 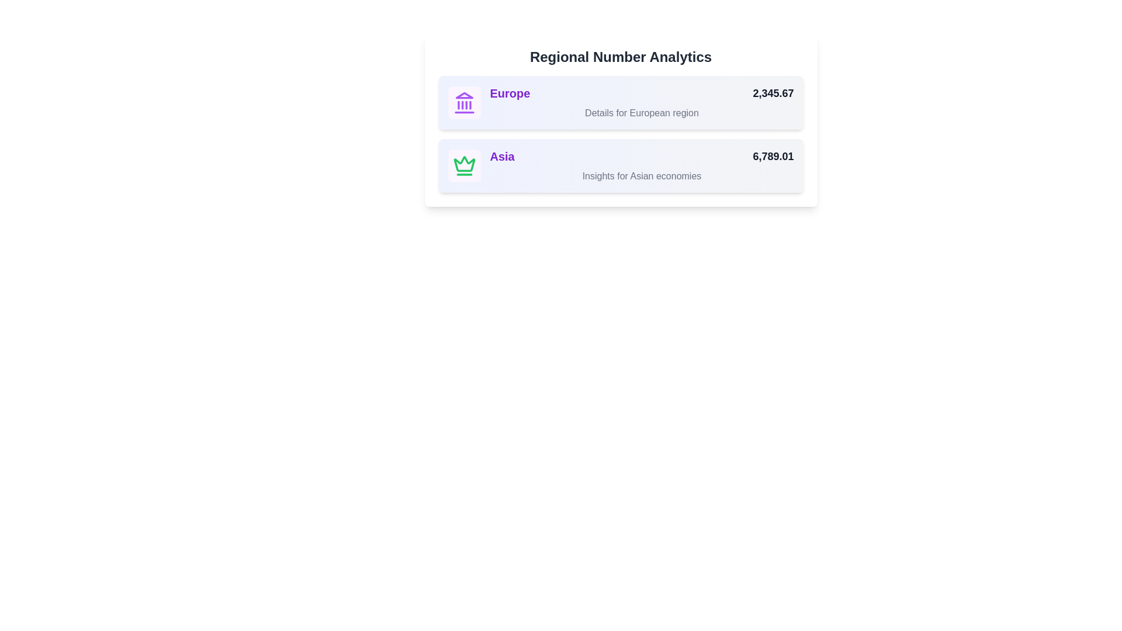 What do you see at coordinates (510, 92) in the screenshot?
I see `textual label that displays 'Europe', which is styled in bold purple font and located in the first card of a vertical list, positioned between an icon and a numeric value` at bounding box center [510, 92].